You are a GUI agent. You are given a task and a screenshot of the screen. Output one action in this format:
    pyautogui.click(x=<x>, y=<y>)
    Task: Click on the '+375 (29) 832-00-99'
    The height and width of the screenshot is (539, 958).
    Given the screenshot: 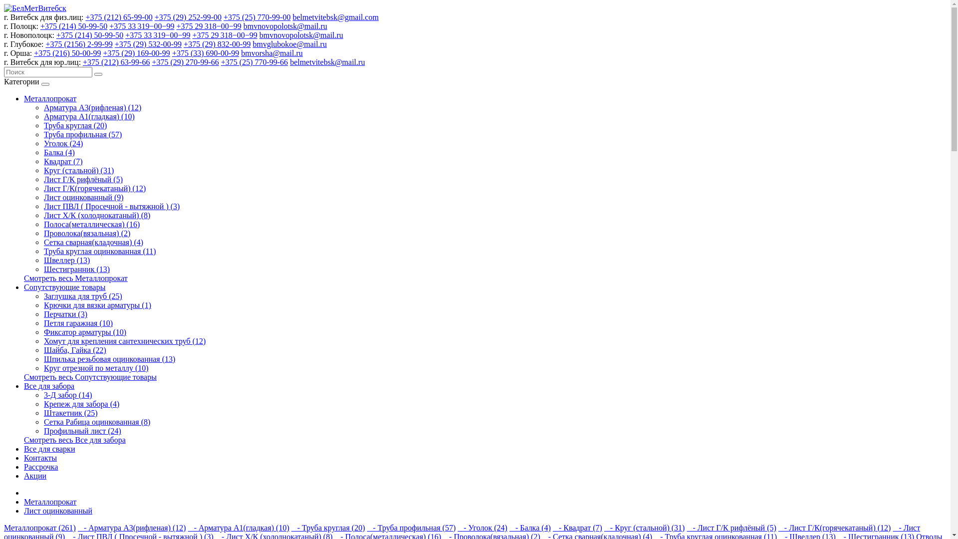 What is the action you would take?
    pyautogui.click(x=217, y=43)
    